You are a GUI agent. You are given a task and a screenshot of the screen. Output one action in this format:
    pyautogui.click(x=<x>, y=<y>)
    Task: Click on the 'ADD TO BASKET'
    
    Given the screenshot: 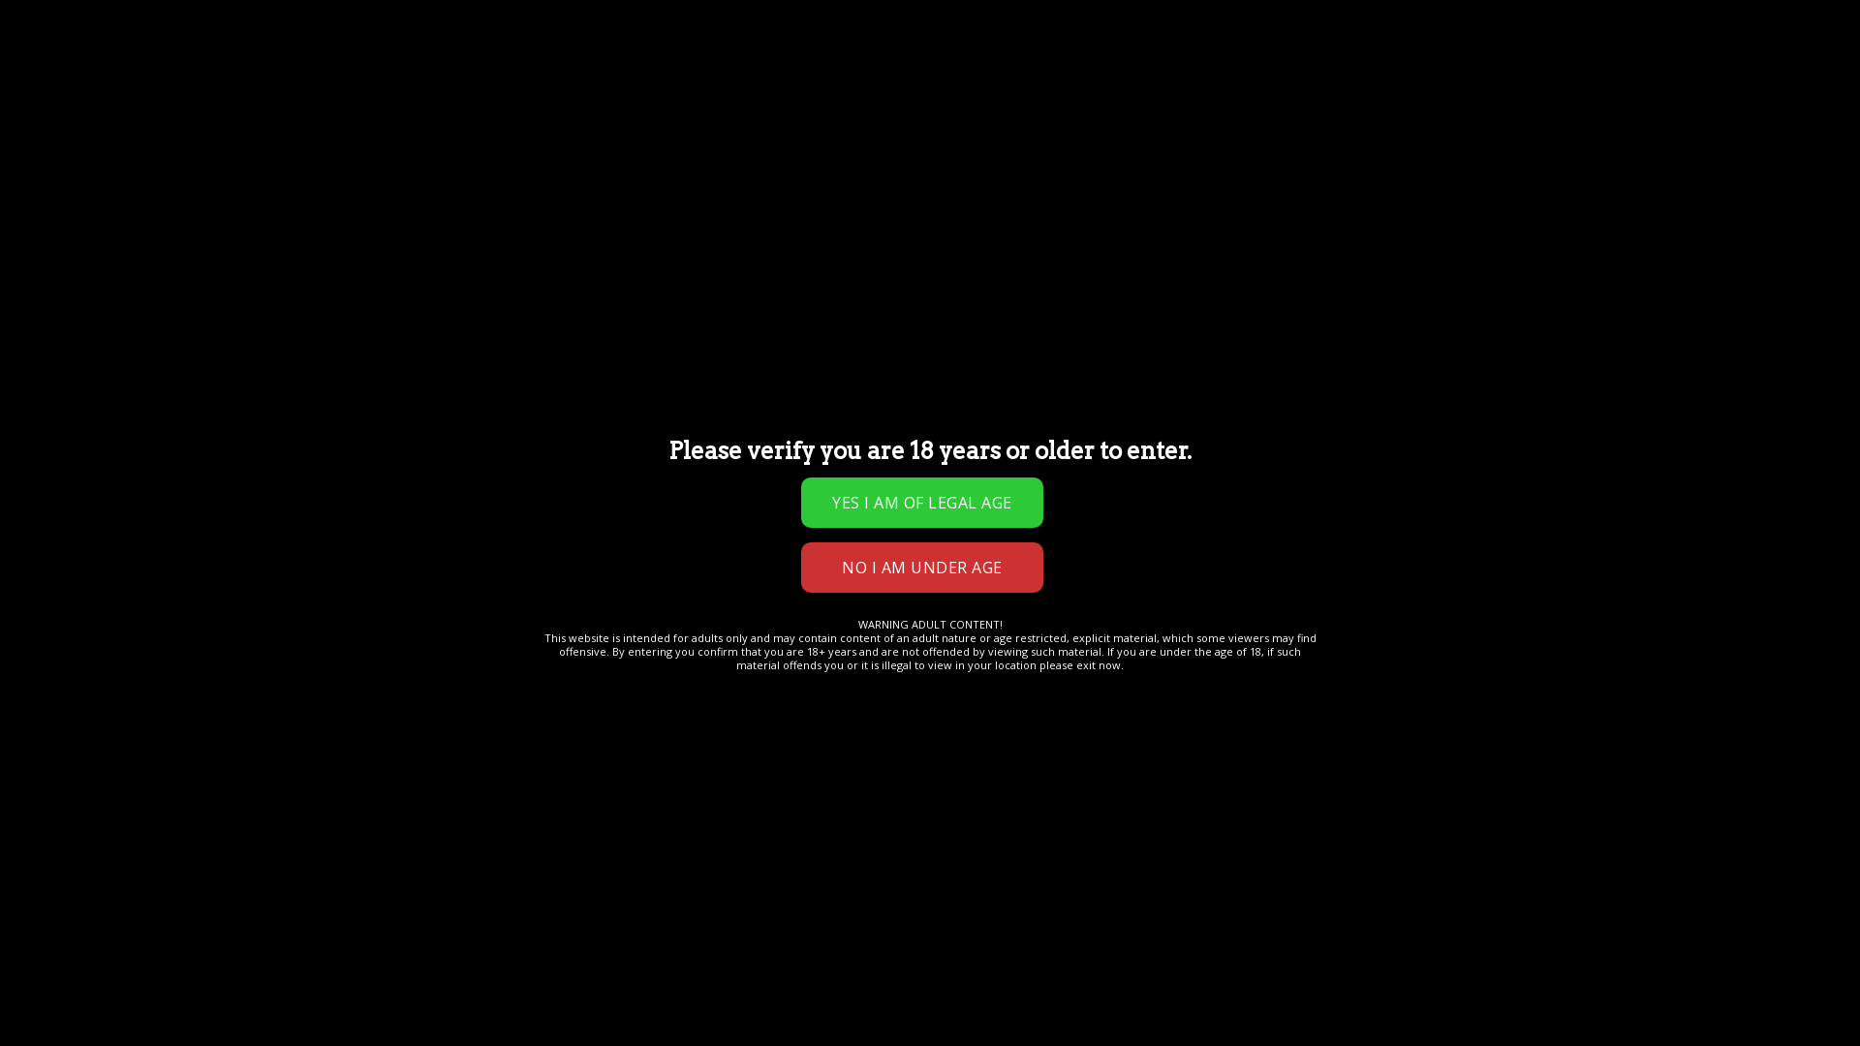 What is the action you would take?
    pyautogui.click(x=855, y=405)
    